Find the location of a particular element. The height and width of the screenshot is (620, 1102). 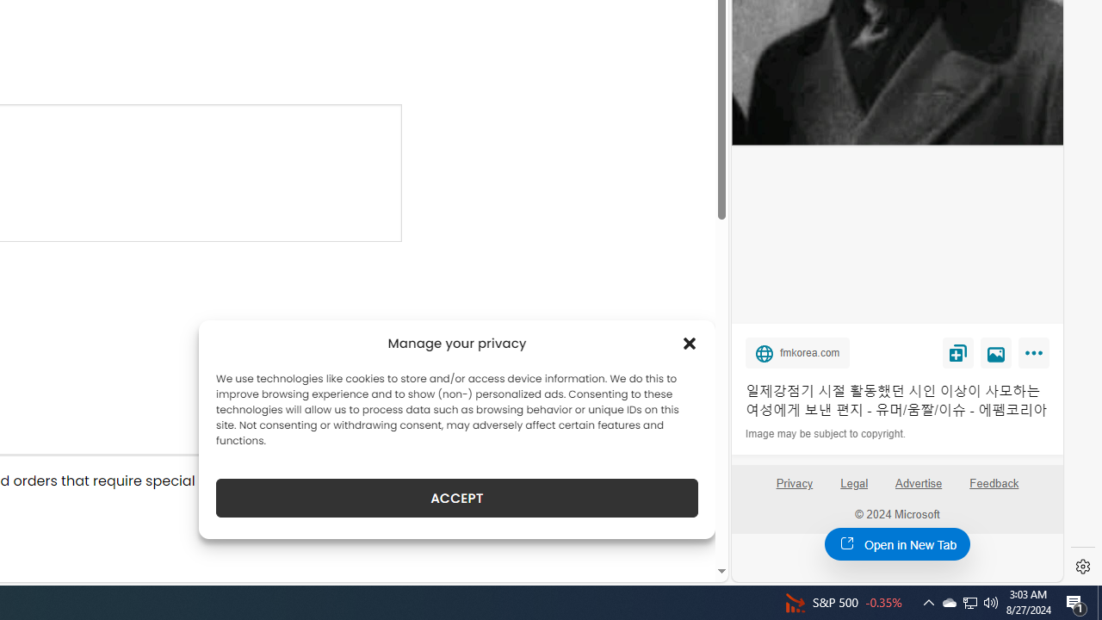

'View image' is located at coordinates (996, 351).